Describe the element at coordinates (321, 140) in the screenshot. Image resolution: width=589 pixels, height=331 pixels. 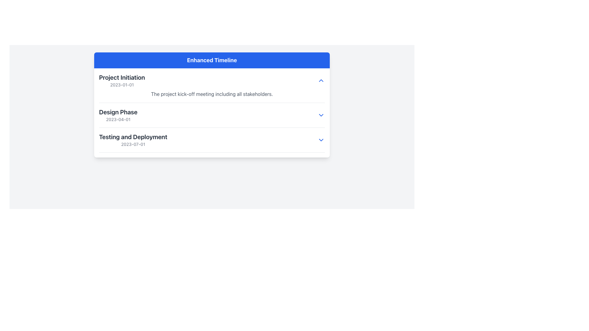
I see `the downward-facing chevron icon in the 'Testing and Deployment' section` at that location.